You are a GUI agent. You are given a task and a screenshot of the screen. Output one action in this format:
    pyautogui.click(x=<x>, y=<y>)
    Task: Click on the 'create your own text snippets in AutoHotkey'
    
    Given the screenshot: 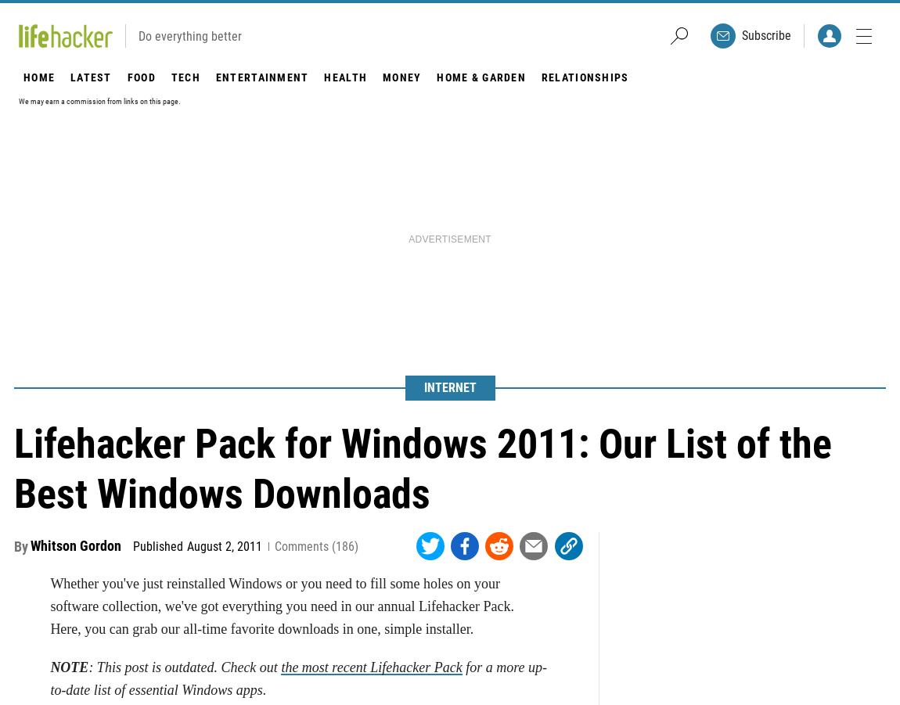 What is the action you would take?
    pyautogui.click(x=286, y=44)
    